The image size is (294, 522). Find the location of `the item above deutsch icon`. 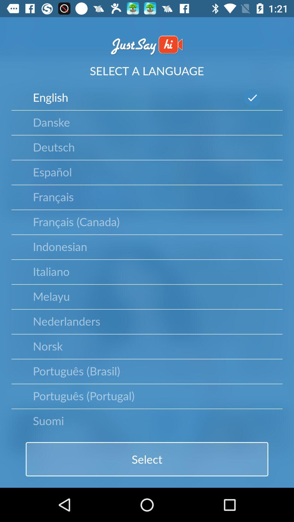

the item above deutsch icon is located at coordinates (51, 122).